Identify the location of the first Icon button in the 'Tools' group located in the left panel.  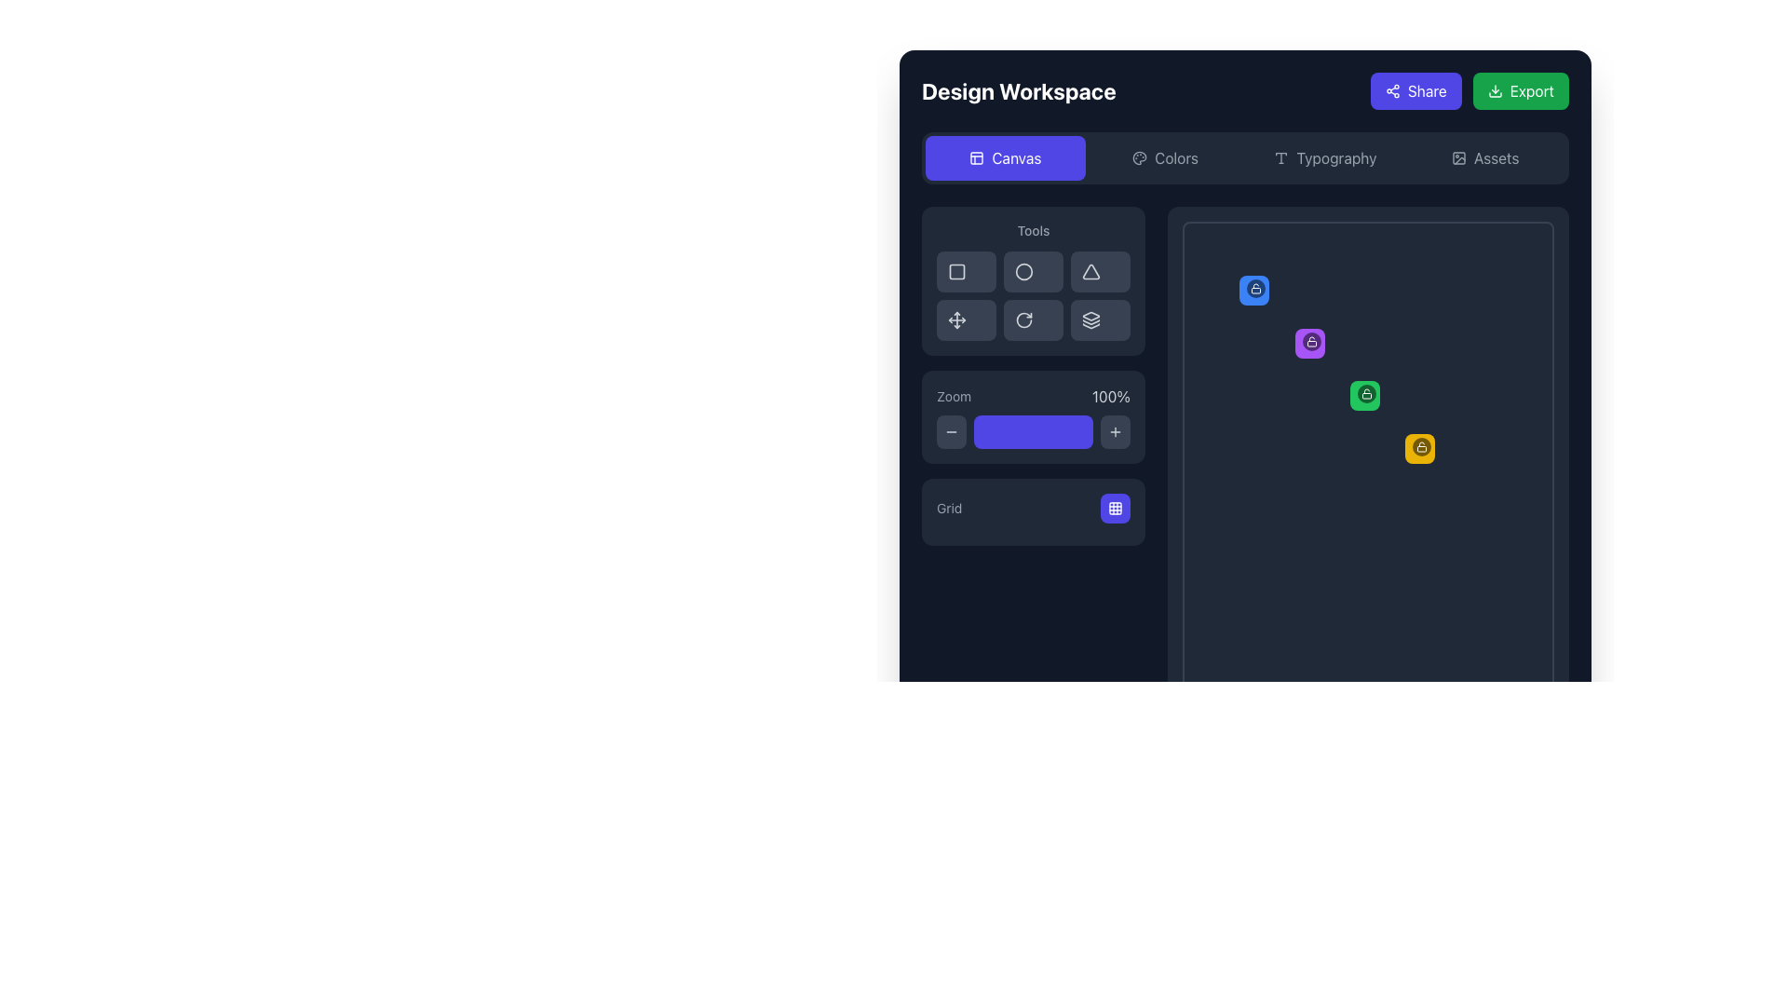
(956, 272).